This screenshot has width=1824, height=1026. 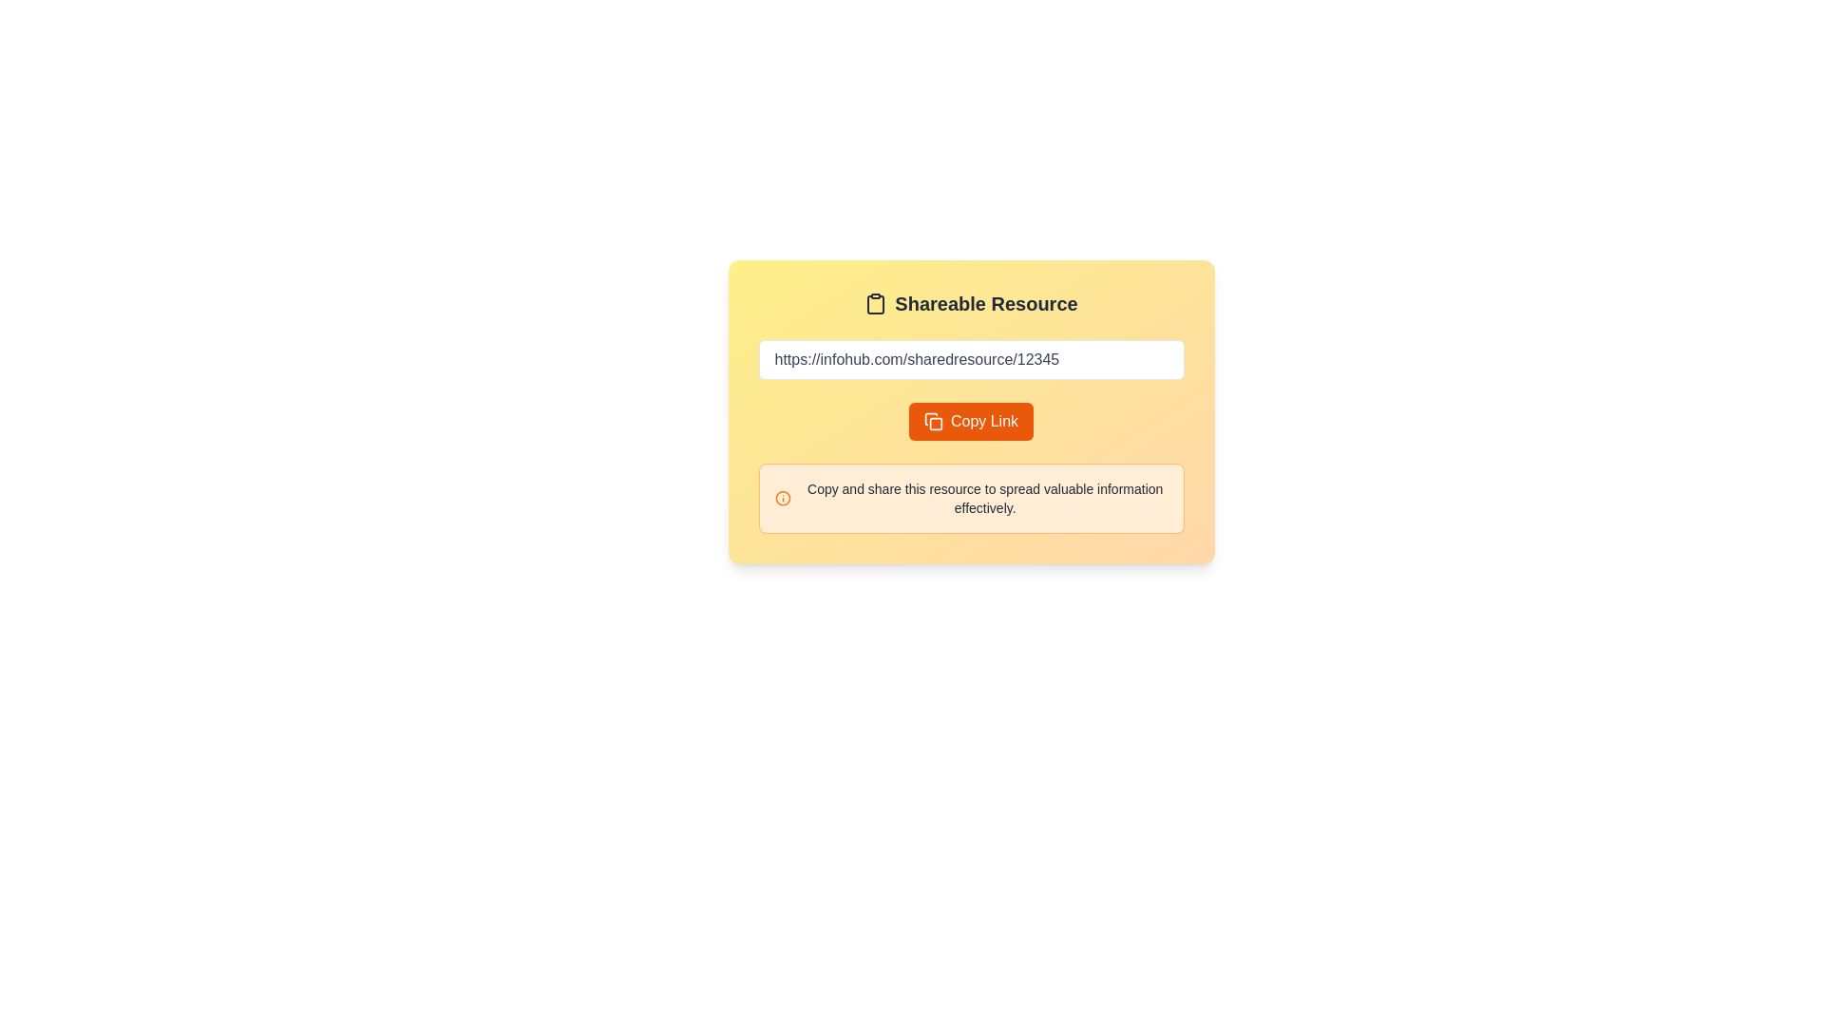 I want to click on within the text input field located under the title 'Shareable Resource' and above the 'Copy Link' button to focus on it, so click(x=971, y=359).